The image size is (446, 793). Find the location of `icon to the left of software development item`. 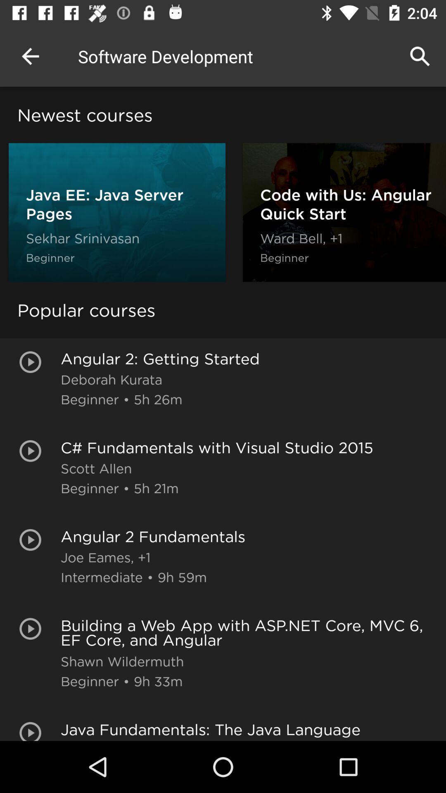

icon to the left of software development item is located at coordinates (30, 56).